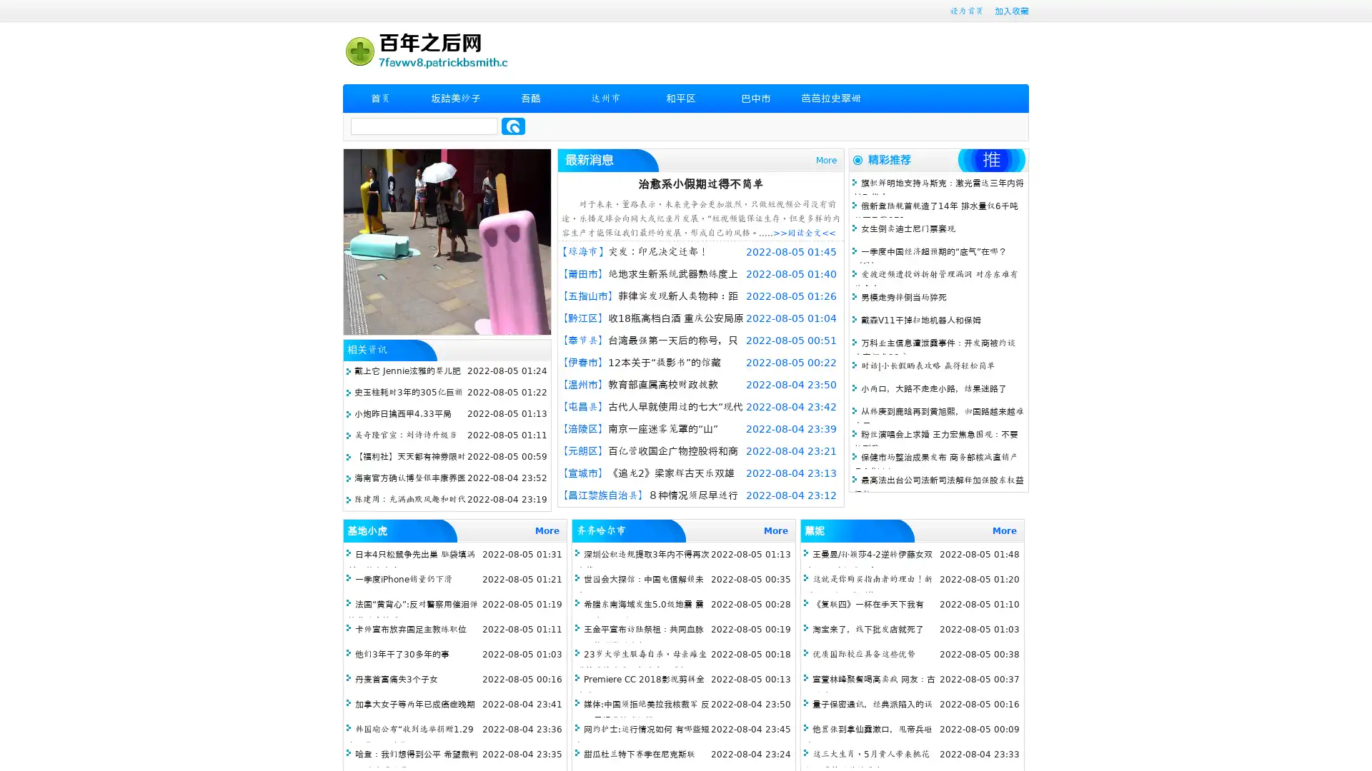 The image size is (1372, 771). Describe the element at coordinates (513, 126) in the screenshot. I see `Search` at that location.